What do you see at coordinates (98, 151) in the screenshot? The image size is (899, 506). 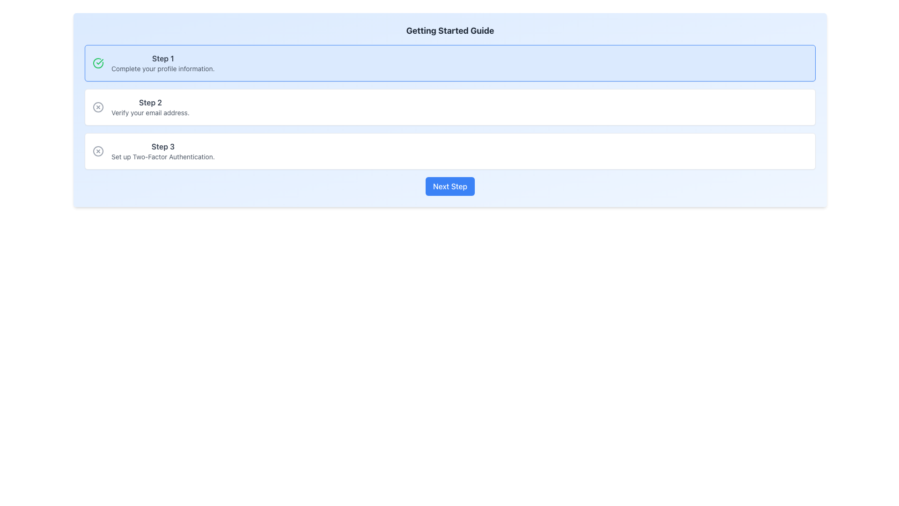 I see `the SVG Circle that visually represents the centerpiece of the 'Step 3: Set up Two-Factor Authentication' indicator in the 'Getting Started Guide'` at bounding box center [98, 151].